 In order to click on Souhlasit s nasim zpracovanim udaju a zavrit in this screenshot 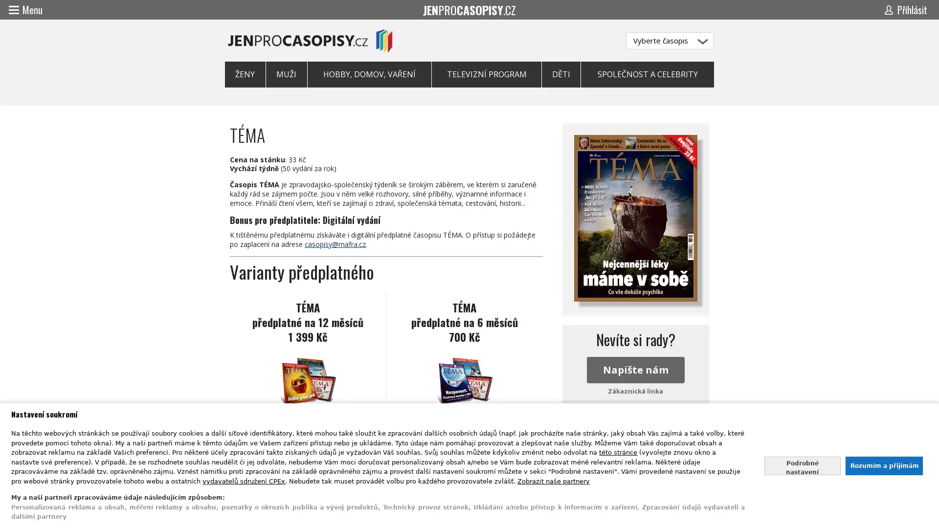, I will do `click(883, 465)`.